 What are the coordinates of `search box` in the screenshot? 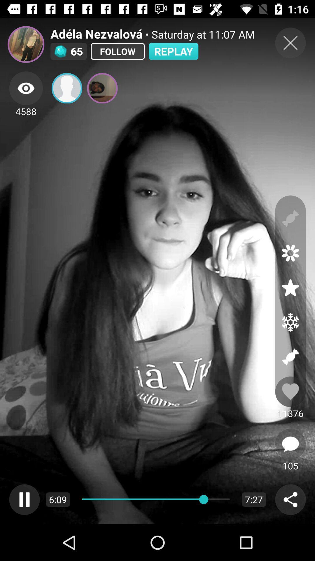 It's located at (290, 499).